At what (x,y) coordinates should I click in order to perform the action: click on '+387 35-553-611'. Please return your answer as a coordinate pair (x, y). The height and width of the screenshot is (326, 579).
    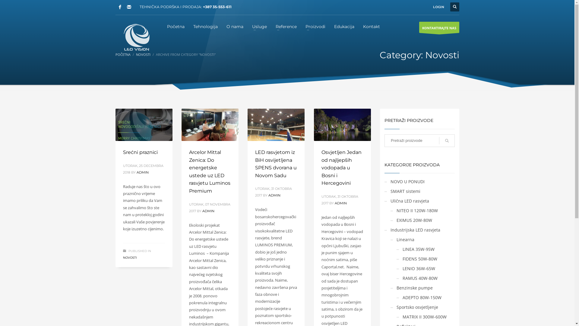
    Looking at the image, I should click on (217, 7).